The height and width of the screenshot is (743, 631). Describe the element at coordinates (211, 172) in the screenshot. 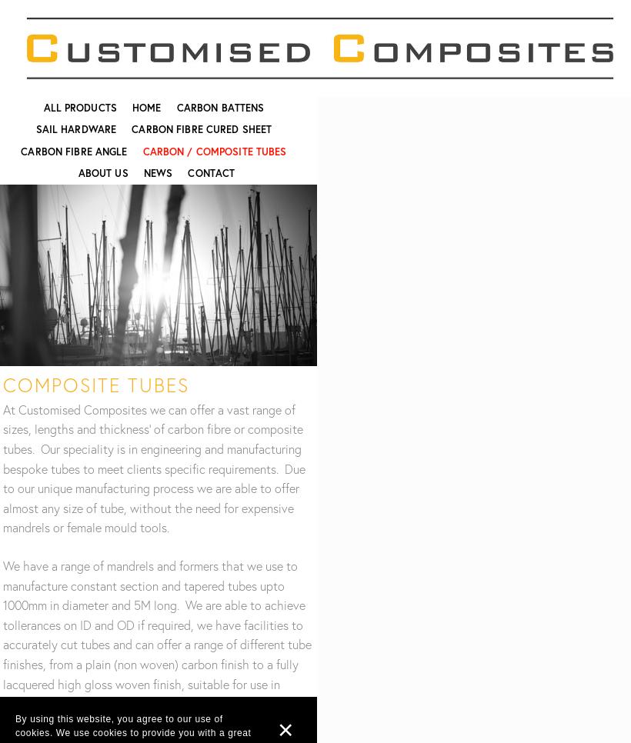

I see `'Contact'` at that location.